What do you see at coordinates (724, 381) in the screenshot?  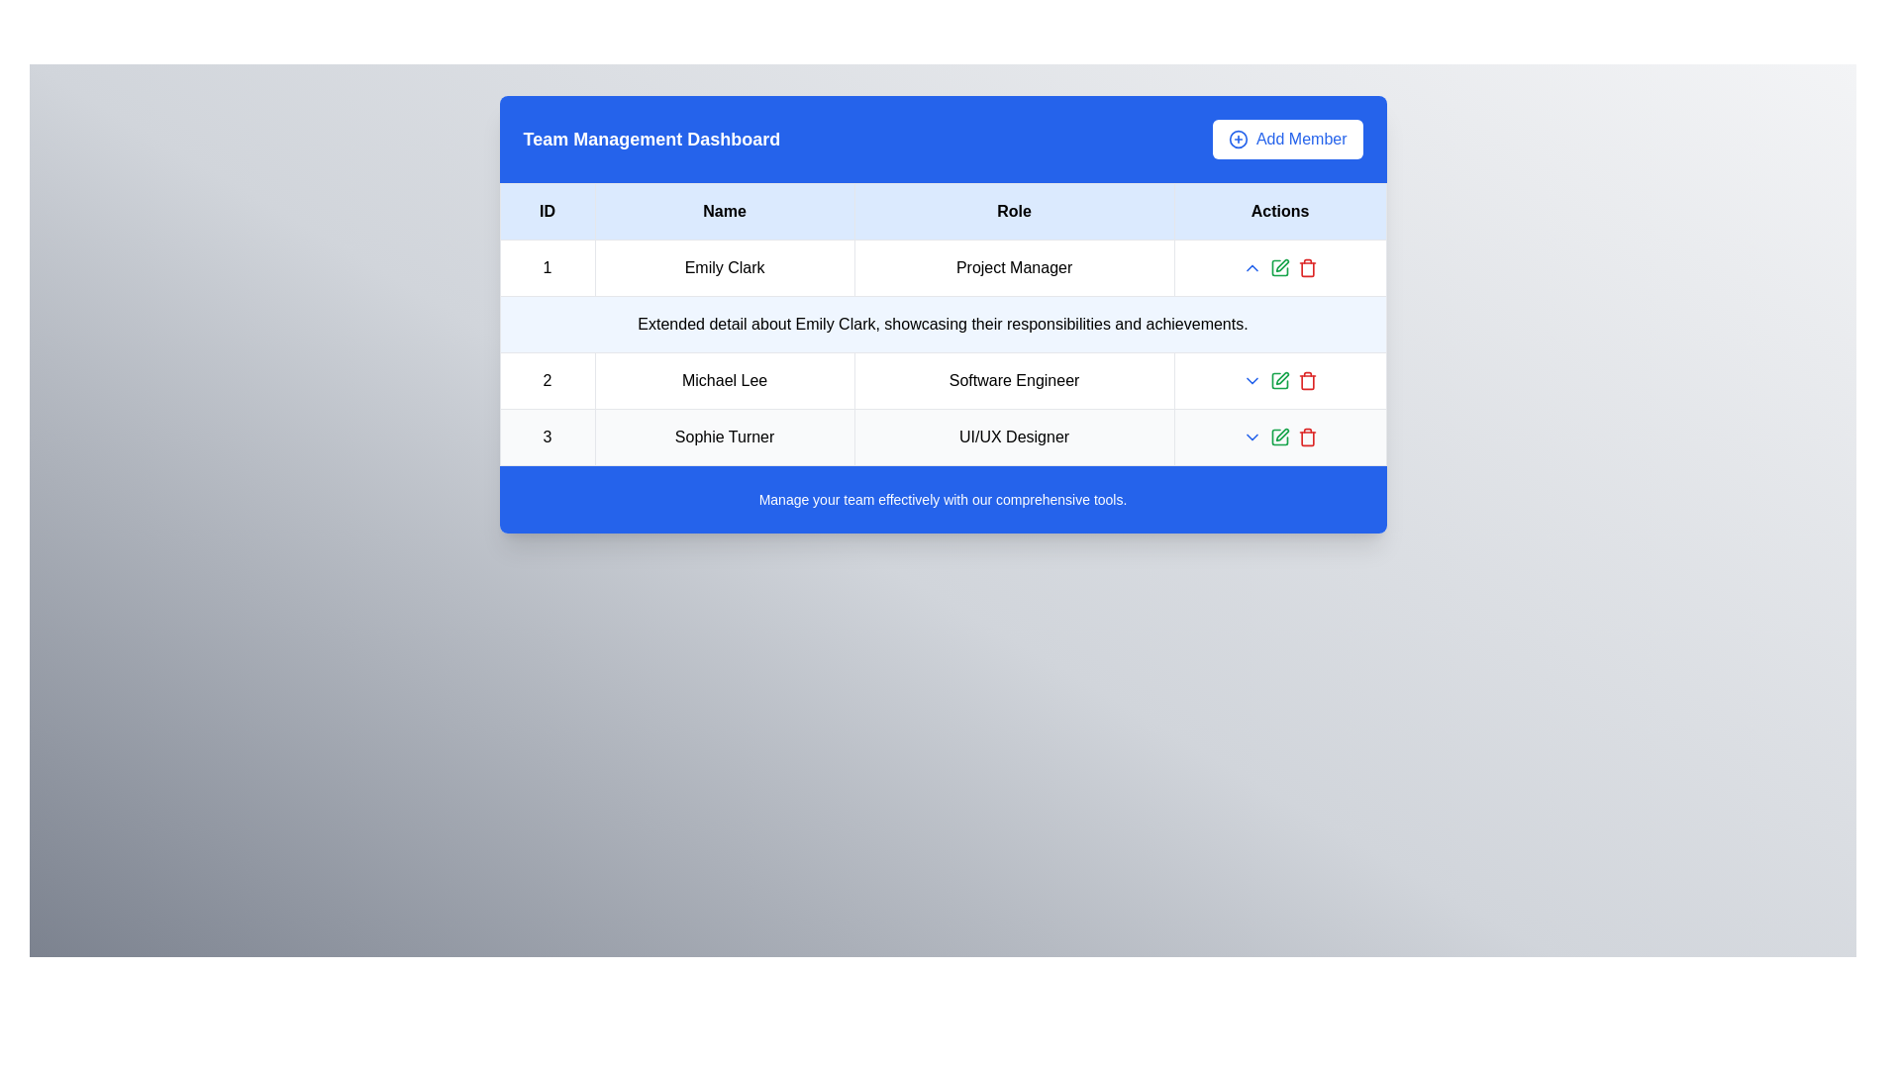 I see `the static text displaying the name 'Michael Lee' in the second row of the table under the 'Name' column` at bounding box center [724, 381].